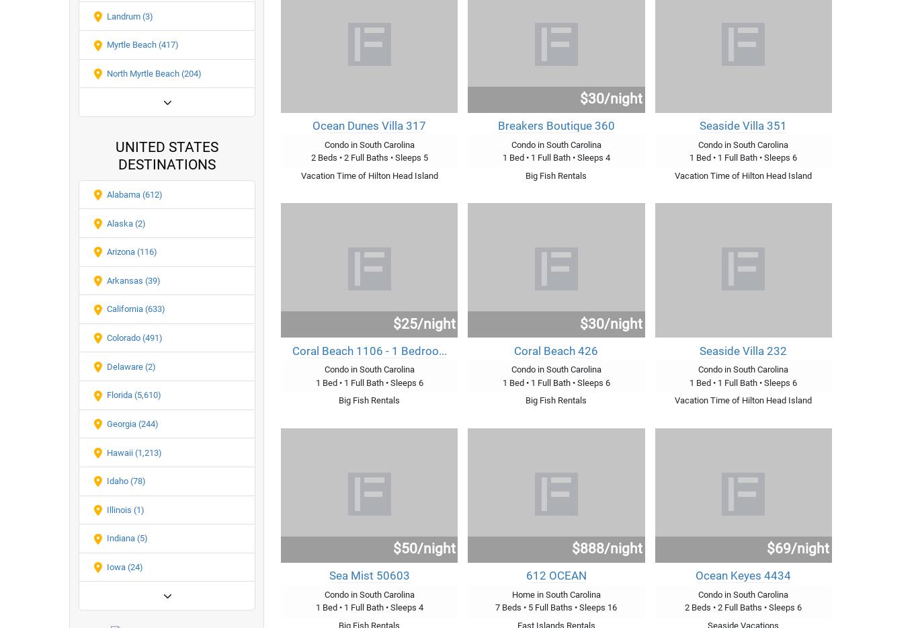  Describe the element at coordinates (437, 111) in the screenshot. I see `'Terms of Service'` at that location.